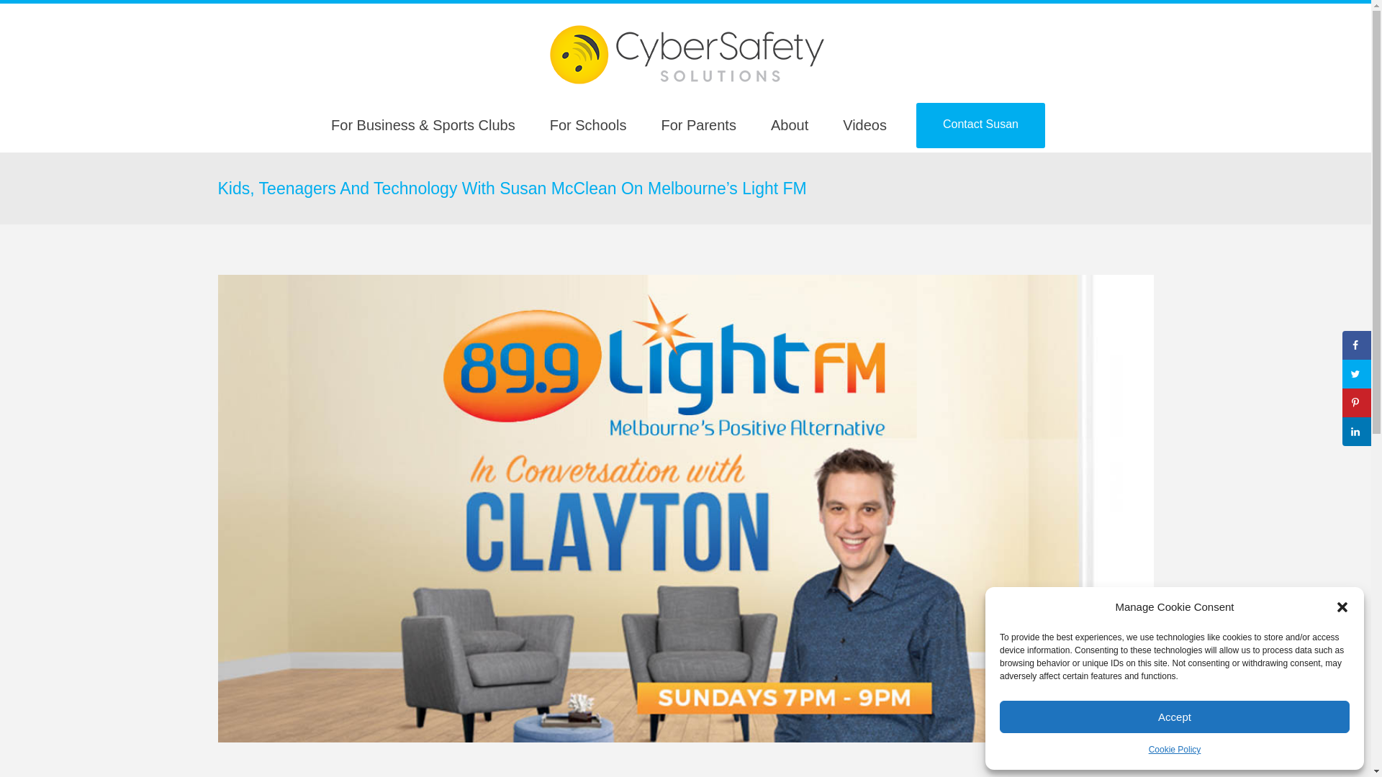 This screenshot has height=777, width=1382. Describe the element at coordinates (642, 124) in the screenshot. I see `'For Parents'` at that location.